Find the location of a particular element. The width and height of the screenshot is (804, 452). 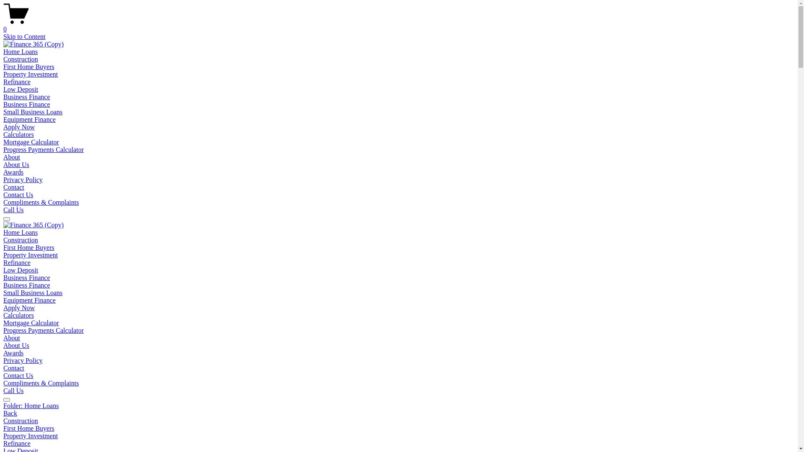

'Back' is located at coordinates (3, 413).